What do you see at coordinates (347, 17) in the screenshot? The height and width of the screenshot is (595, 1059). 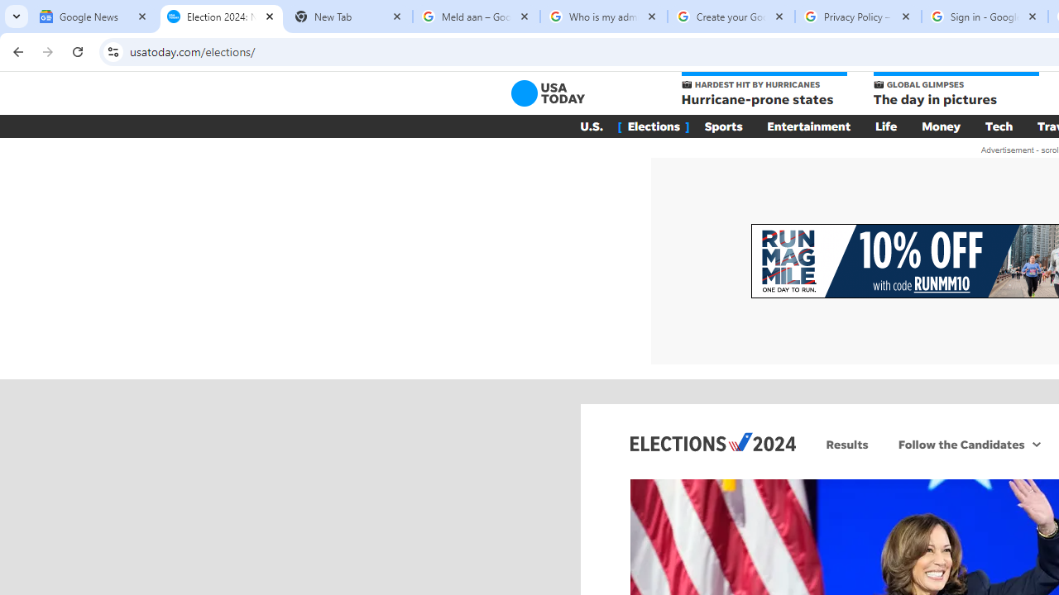 I see `'New Tab'` at bounding box center [347, 17].